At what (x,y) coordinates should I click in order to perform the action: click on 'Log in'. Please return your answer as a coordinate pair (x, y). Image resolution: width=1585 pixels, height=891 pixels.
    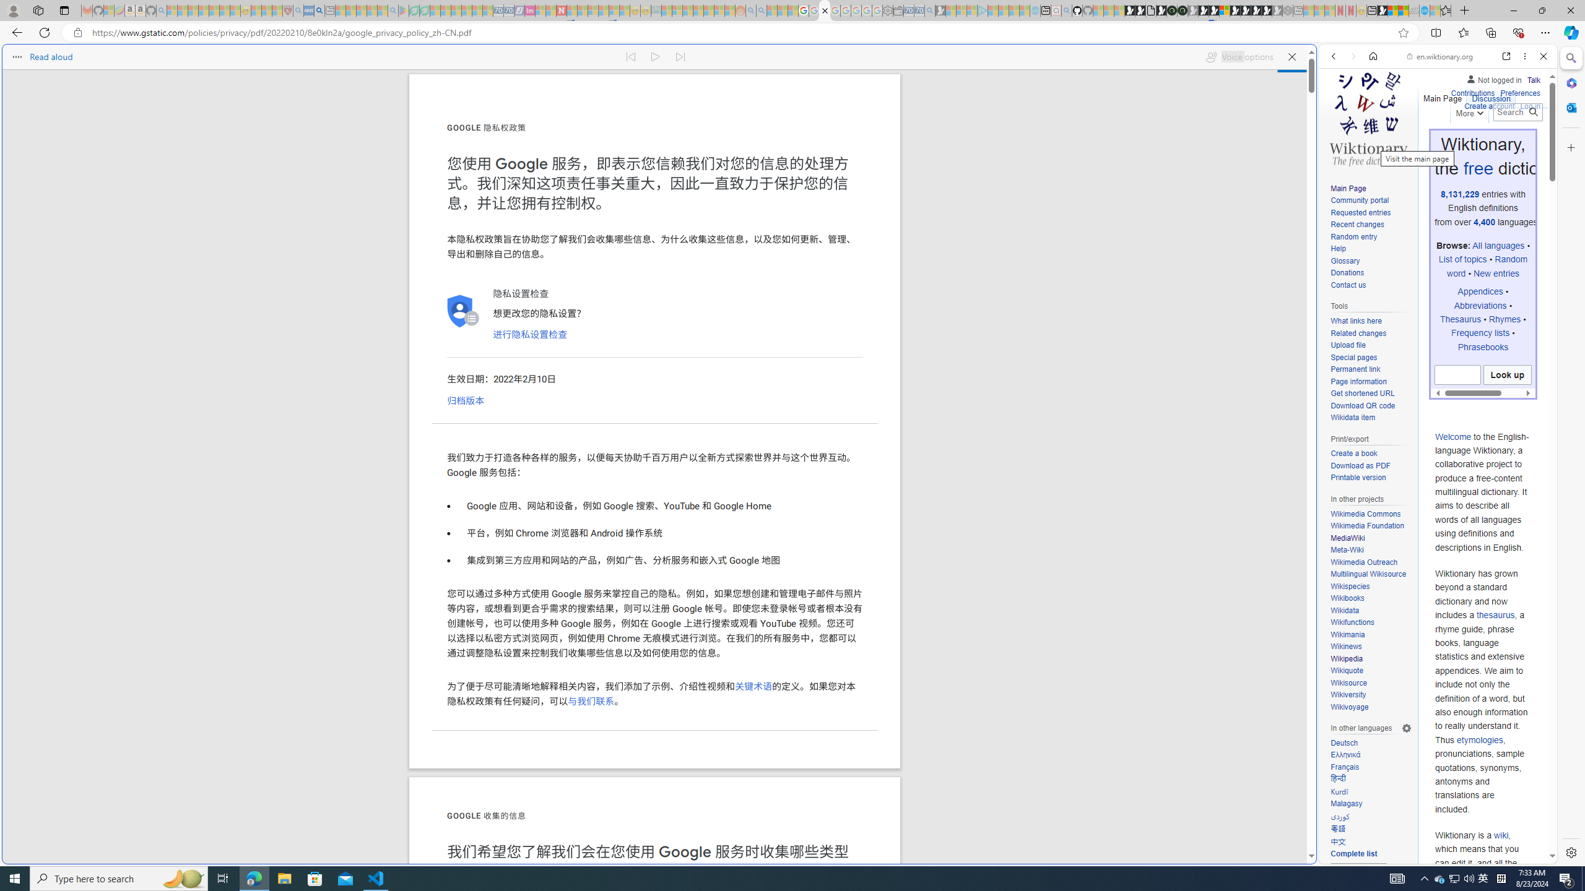
    Looking at the image, I should click on (1529, 106).